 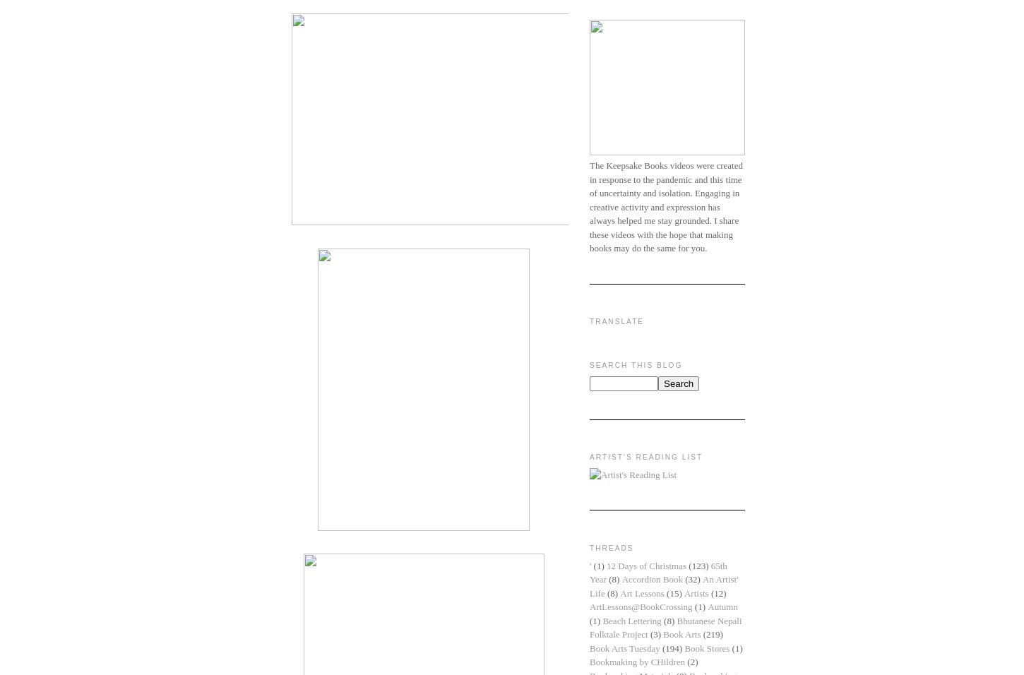 What do you see at coordinates (610, 546) in the screenshot?
I see `'Threads'` at bounding box center [610, 546].